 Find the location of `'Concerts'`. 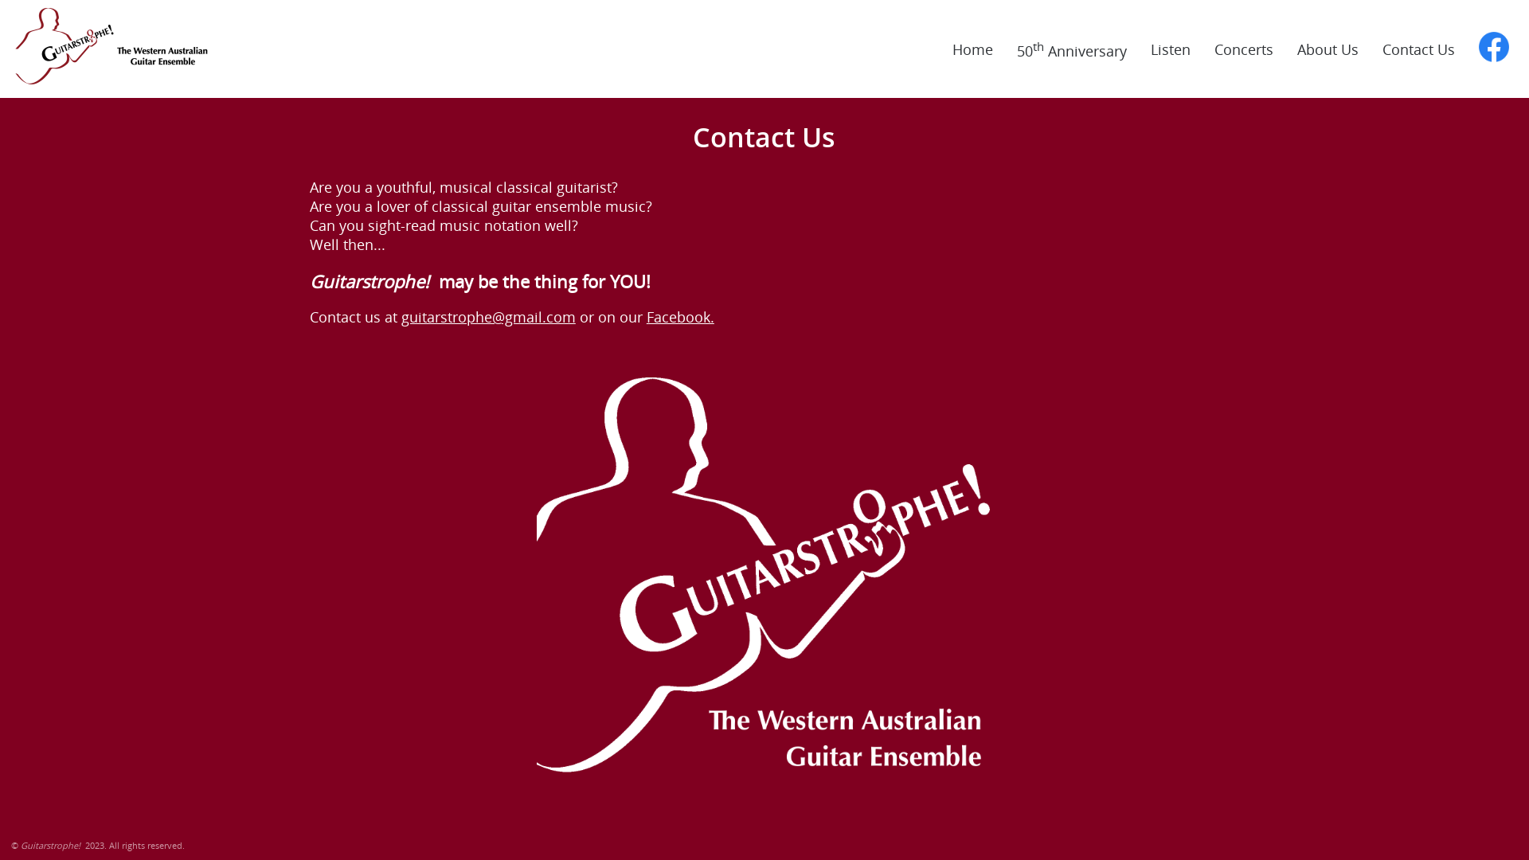

'Concerts' is located at coordinates (1242, 48).